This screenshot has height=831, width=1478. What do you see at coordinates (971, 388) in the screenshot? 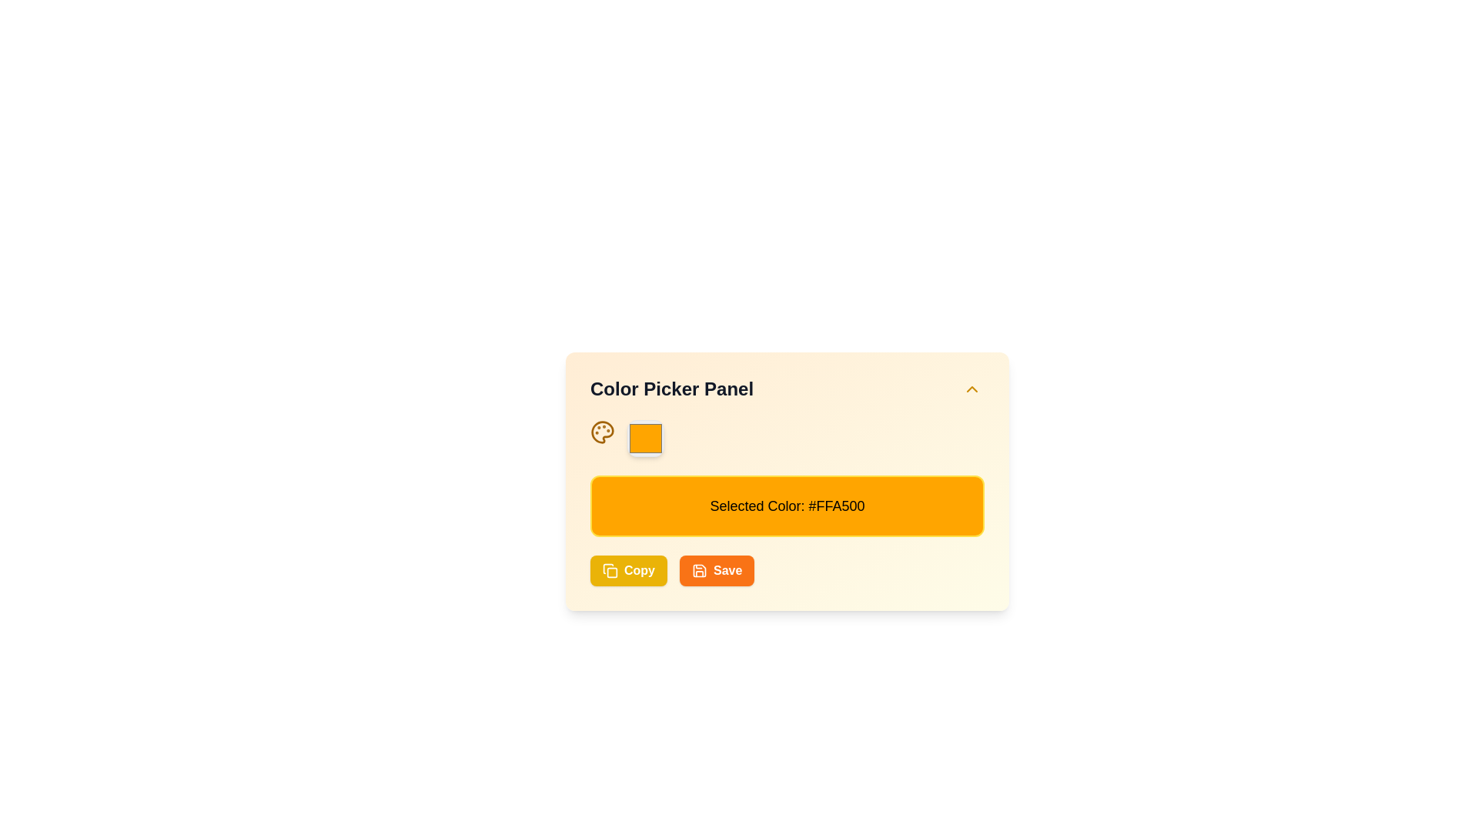
I see `the yellow triangular chevron-up button located at the top-right corner of the 'Color Picker Panel'` at bounding box center [971, 388].